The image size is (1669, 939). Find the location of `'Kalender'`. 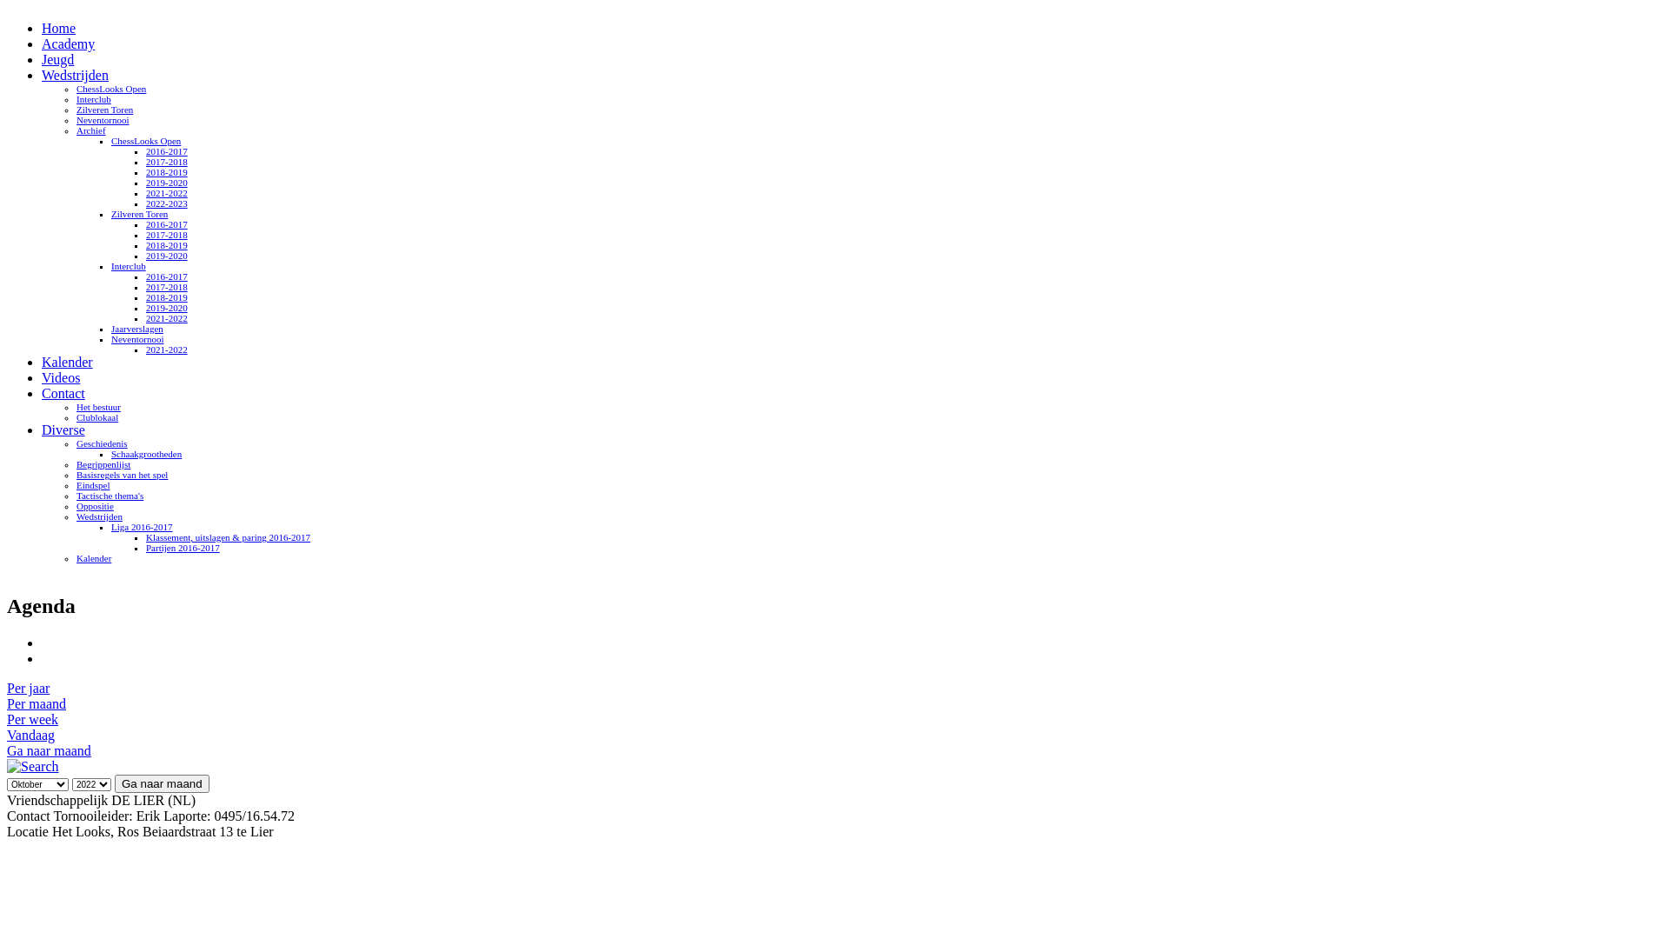

'Kalender' is located at coordinates (92, 557).